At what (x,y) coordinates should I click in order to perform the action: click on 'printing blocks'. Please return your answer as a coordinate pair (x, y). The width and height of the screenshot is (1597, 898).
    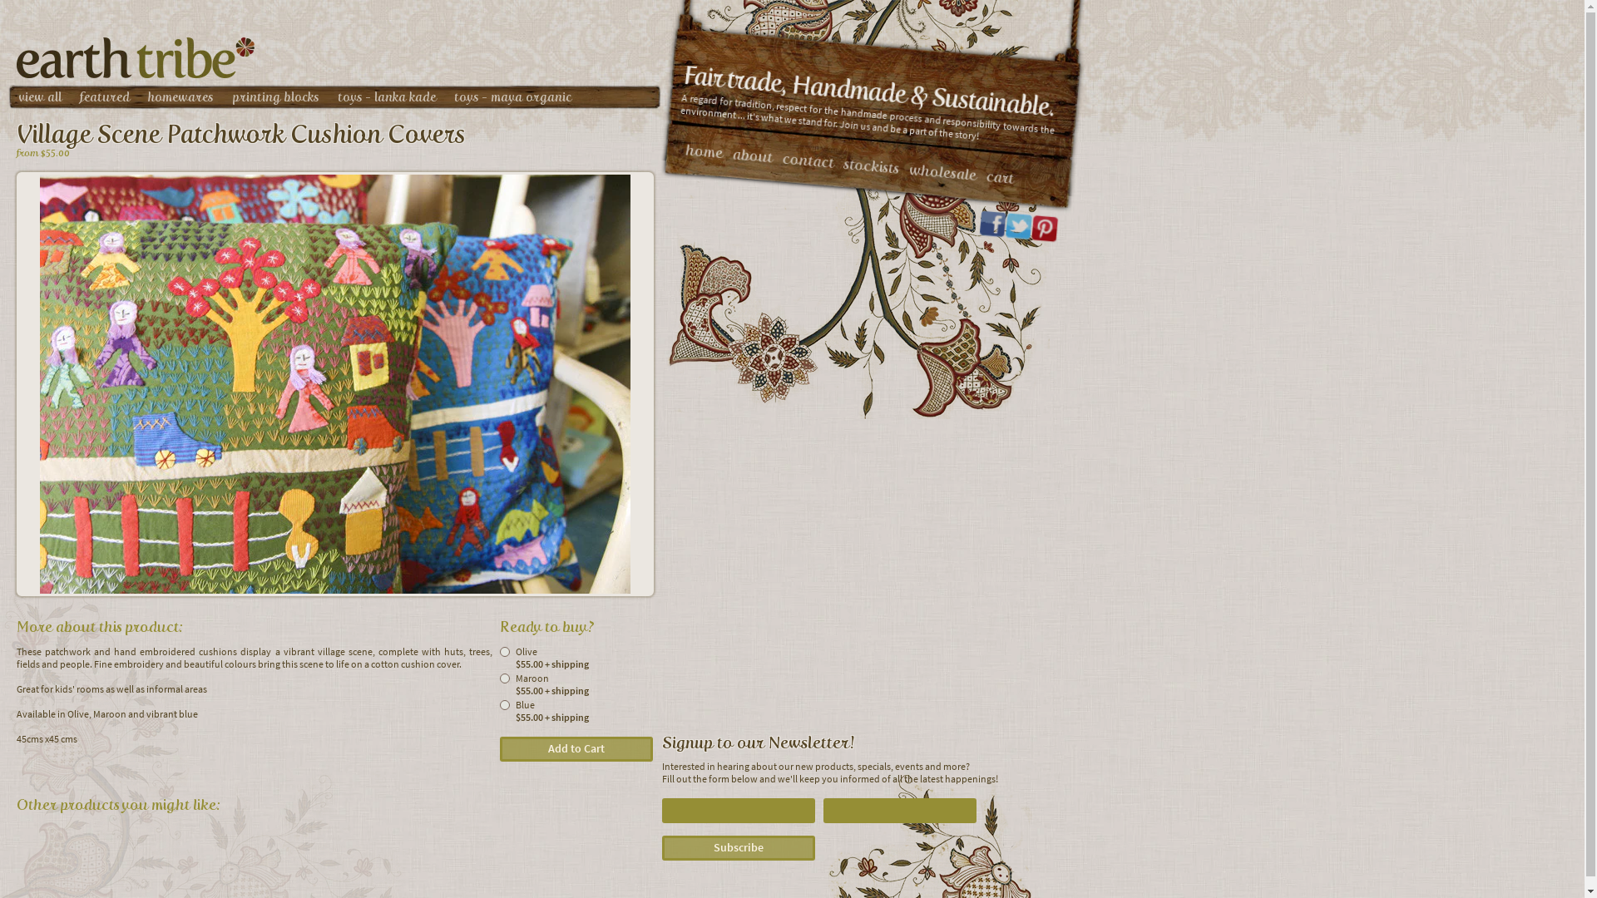
    Looking at the image, I should click on (275, 96).